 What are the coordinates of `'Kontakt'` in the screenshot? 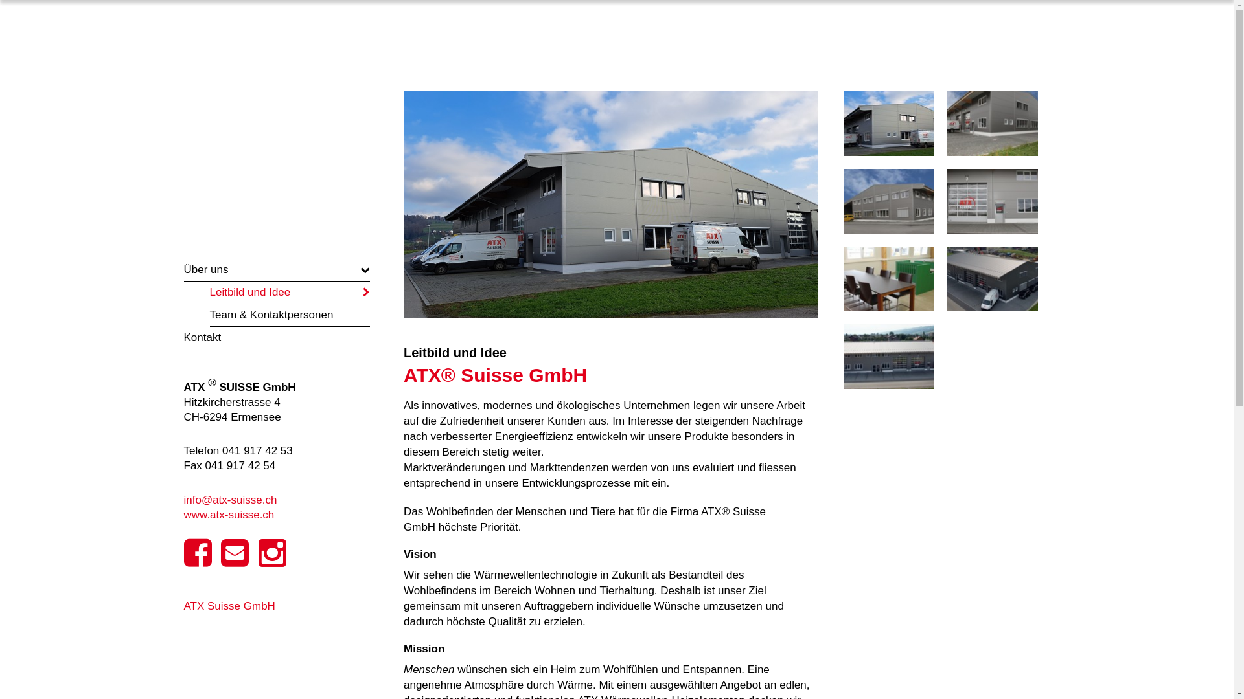 It's located at (276, 337).